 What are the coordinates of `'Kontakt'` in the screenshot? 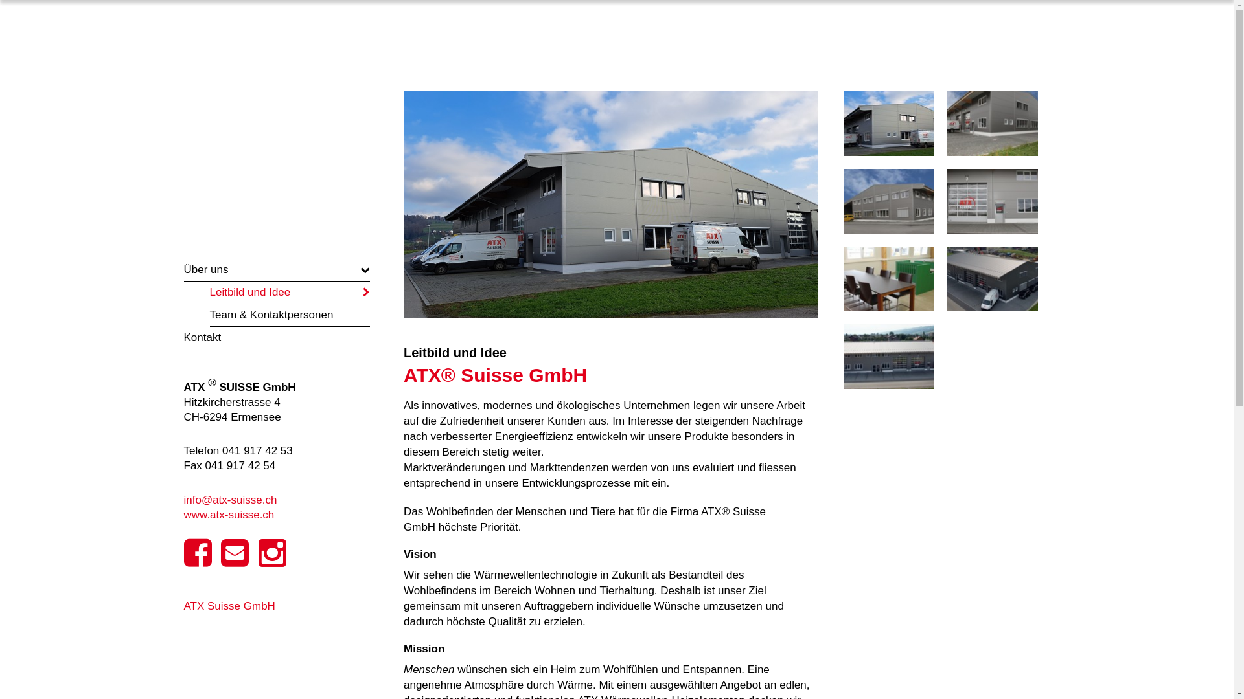 It's located at (276, 337).